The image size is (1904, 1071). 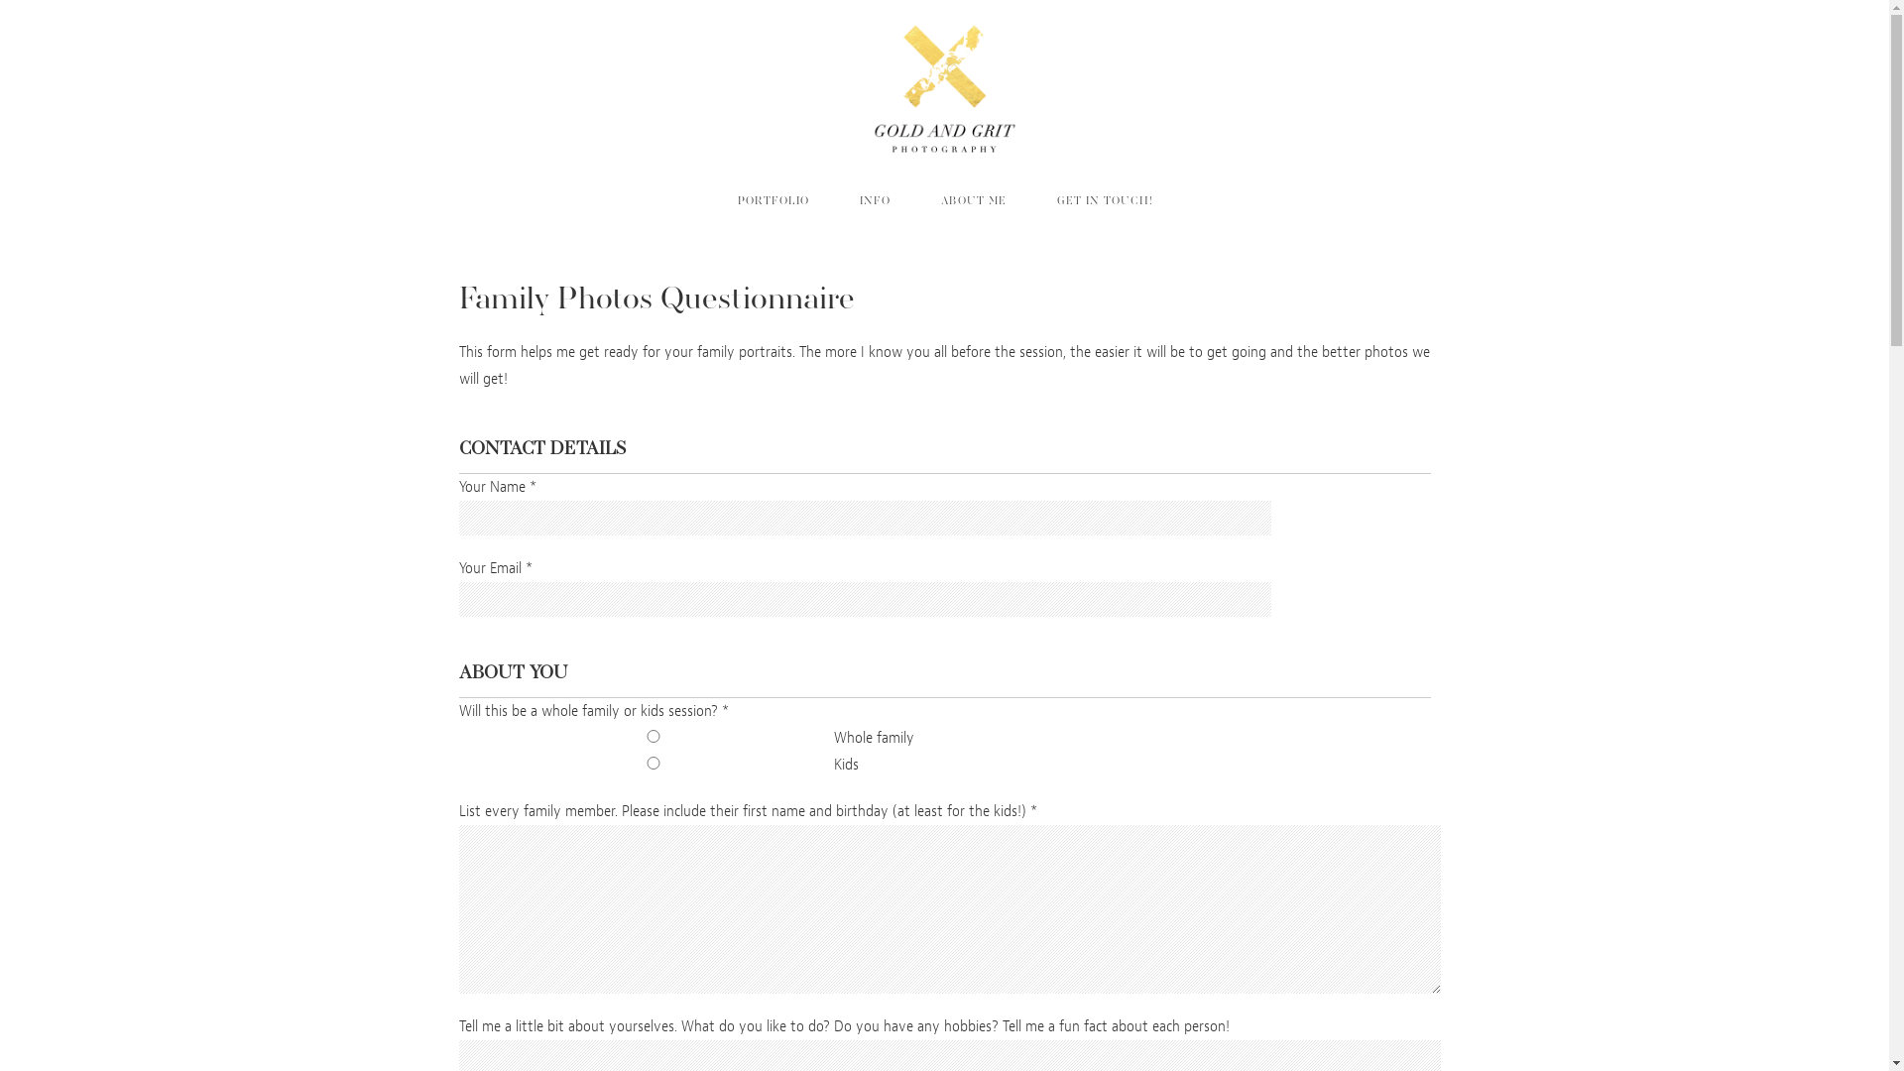 What do you see at coordinates (874, 199) in the screenshot?
I see `'INFO'` at bounding box center [874, 199].